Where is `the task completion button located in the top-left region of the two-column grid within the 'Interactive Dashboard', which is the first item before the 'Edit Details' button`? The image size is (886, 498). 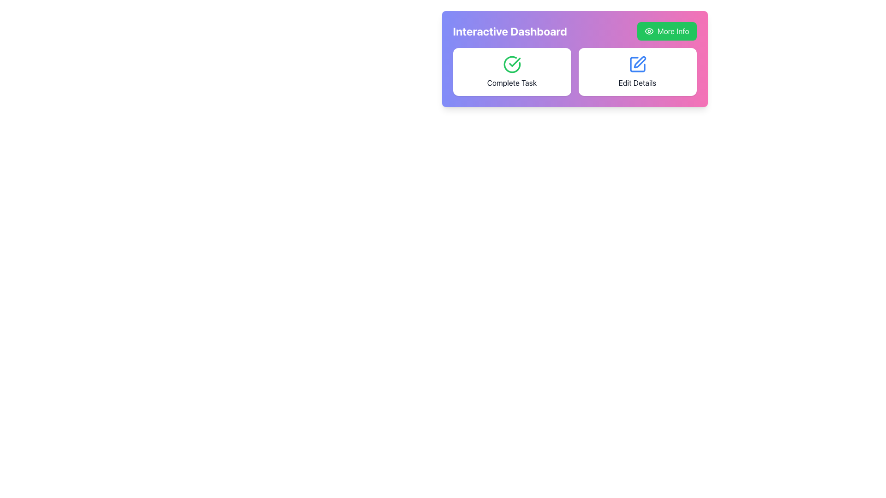 the task completion button located in the top-left region of the two-column grid within the 'Interactive Dashboard', which is the first item before the 'Edit Details' button is located at coordinates (511, 71).